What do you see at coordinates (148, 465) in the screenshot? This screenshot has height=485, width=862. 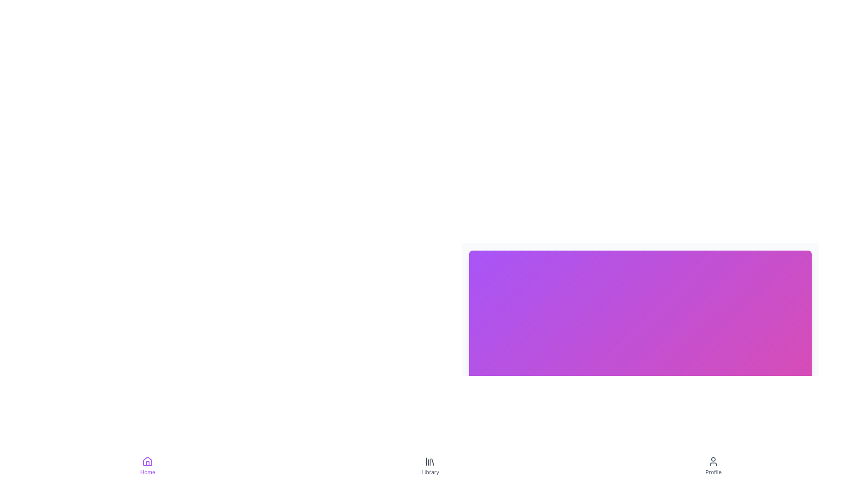 I see `the 'Home' button in the bottom navigation menu` at bounding box center [148, 465].